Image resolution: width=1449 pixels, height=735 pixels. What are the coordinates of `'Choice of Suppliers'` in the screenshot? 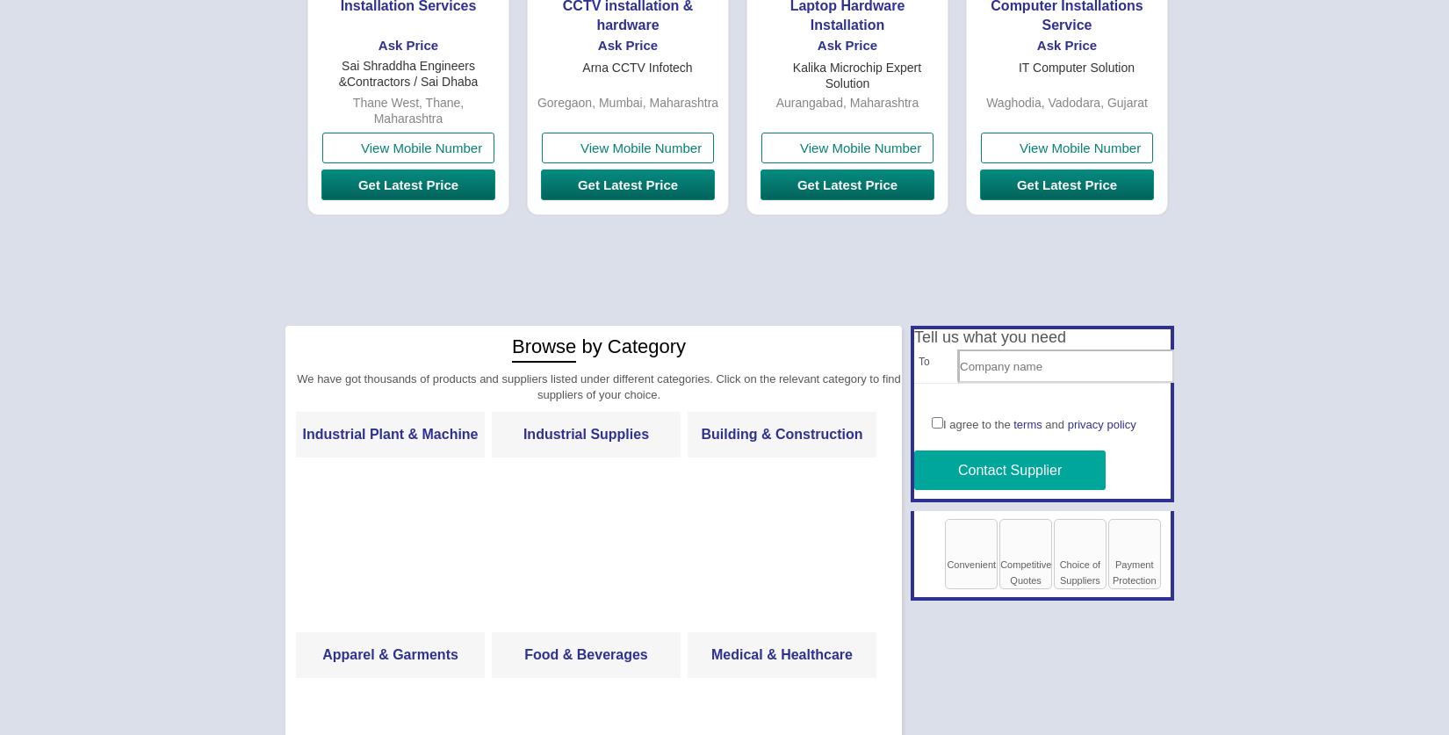 It's located at (1058, 573).